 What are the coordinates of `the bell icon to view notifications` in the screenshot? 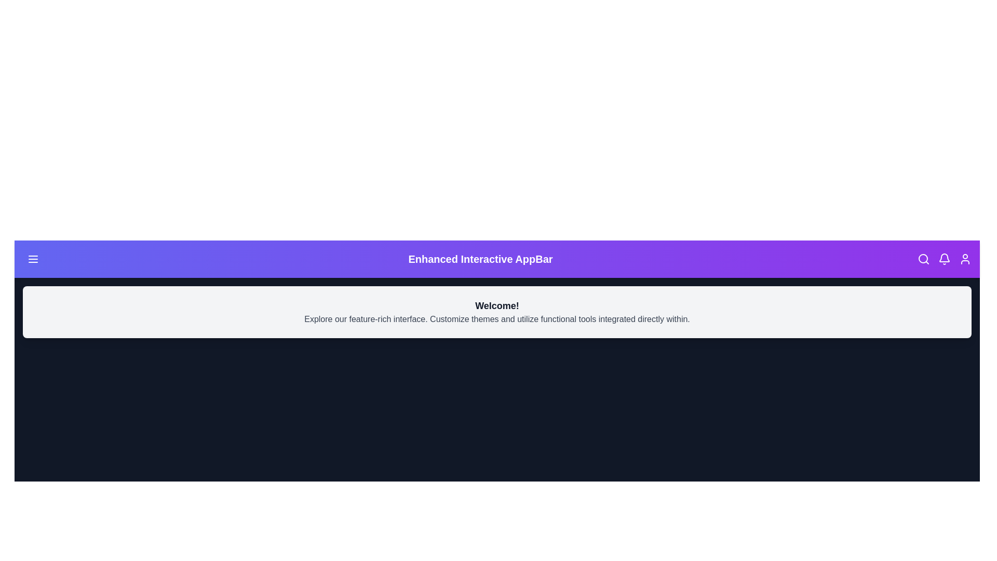 It's located at (945, 258).